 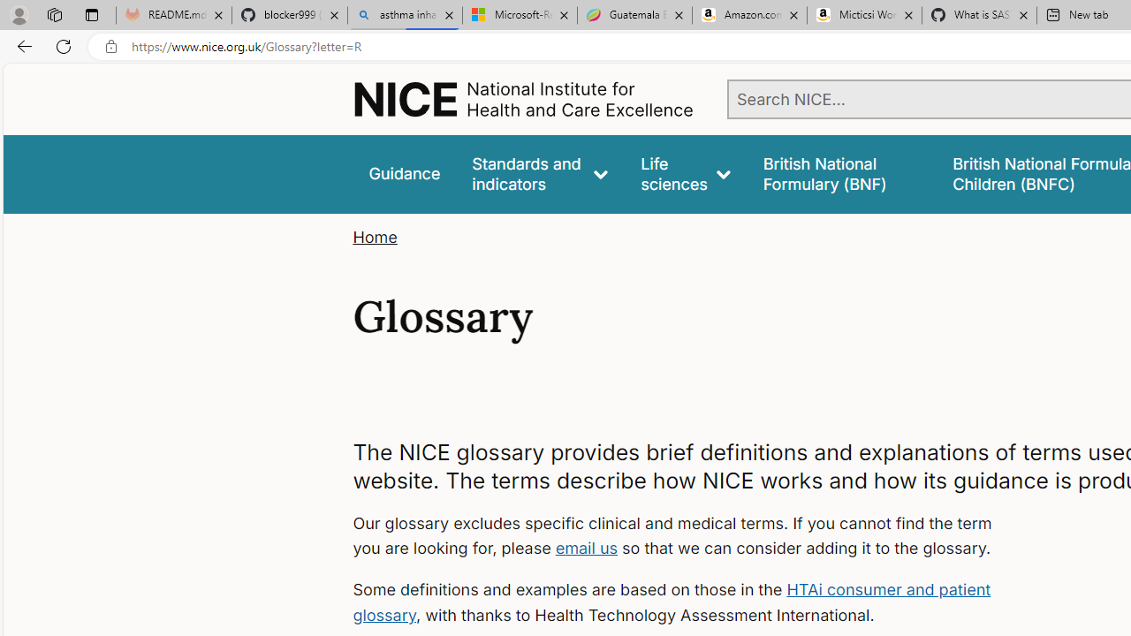 What do you see at coordinates (374, 236) in the screenshot?
I see `'Home'` at bounding box center [374, 236].